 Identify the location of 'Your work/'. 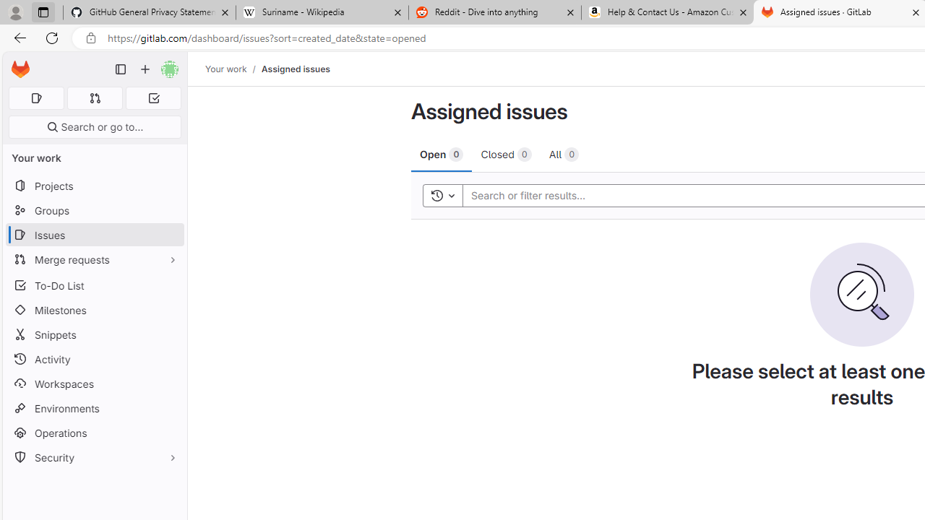
(233, 69).